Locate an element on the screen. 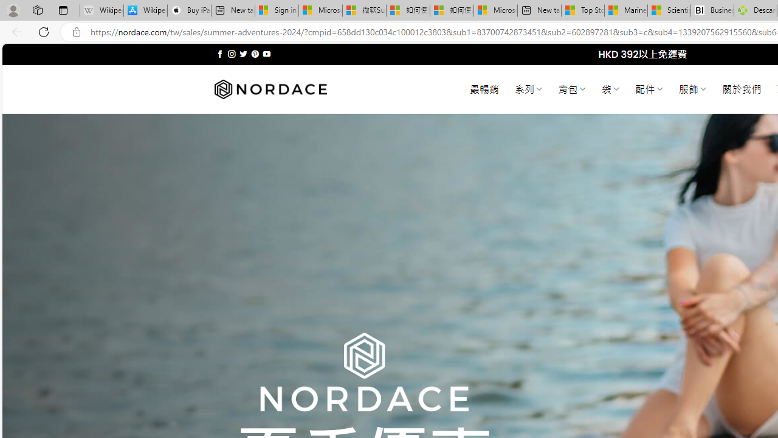  'Buy iPad - Apple' is located at coordinates (188, 10).